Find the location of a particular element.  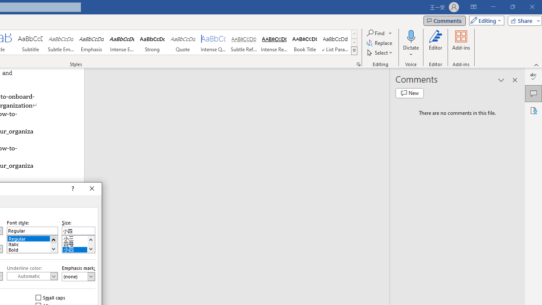

'Accessibility' is located at coordinates (533, 110).